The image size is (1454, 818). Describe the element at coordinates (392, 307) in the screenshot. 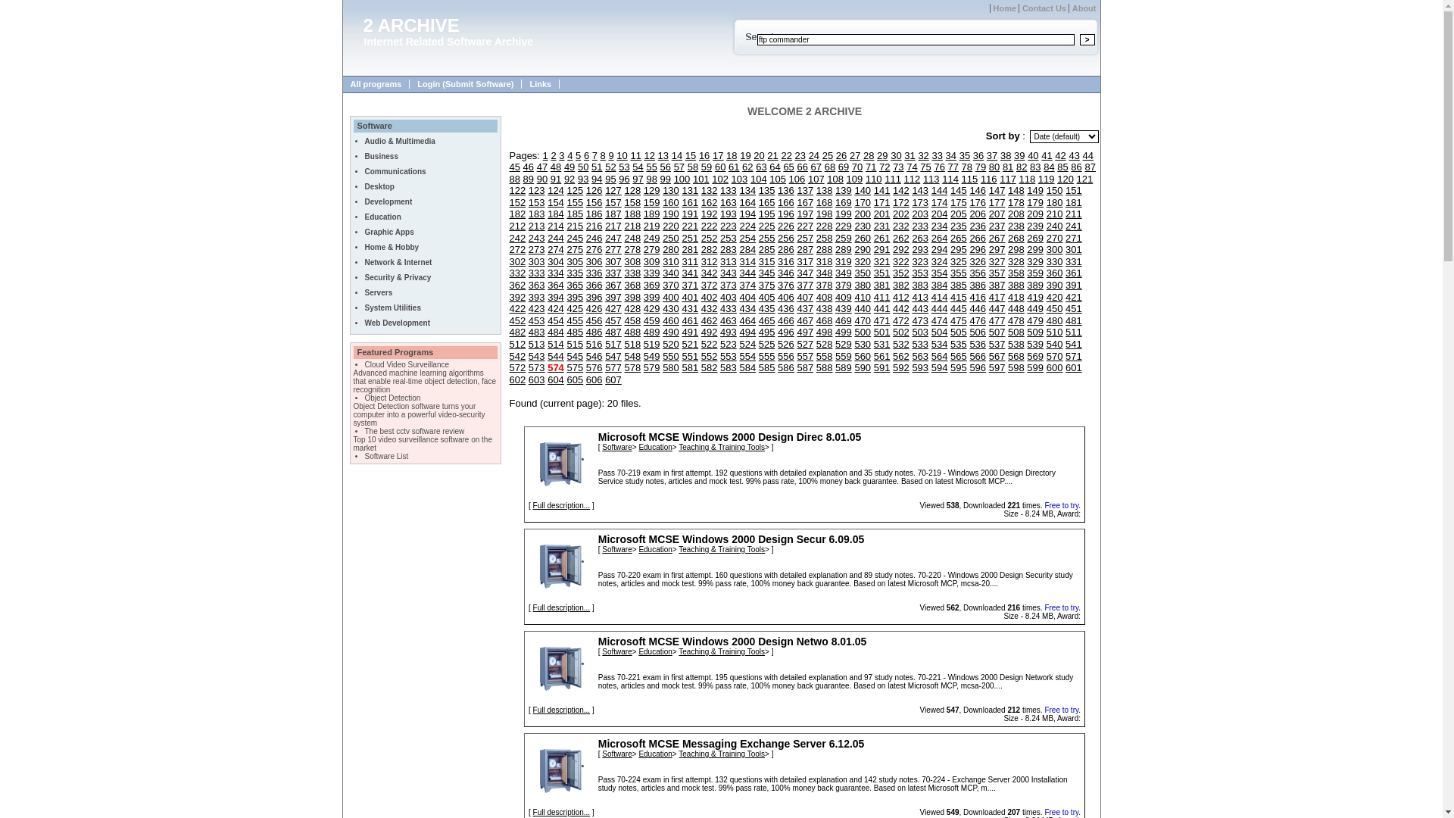

I see `'System Utilities'` at that location.